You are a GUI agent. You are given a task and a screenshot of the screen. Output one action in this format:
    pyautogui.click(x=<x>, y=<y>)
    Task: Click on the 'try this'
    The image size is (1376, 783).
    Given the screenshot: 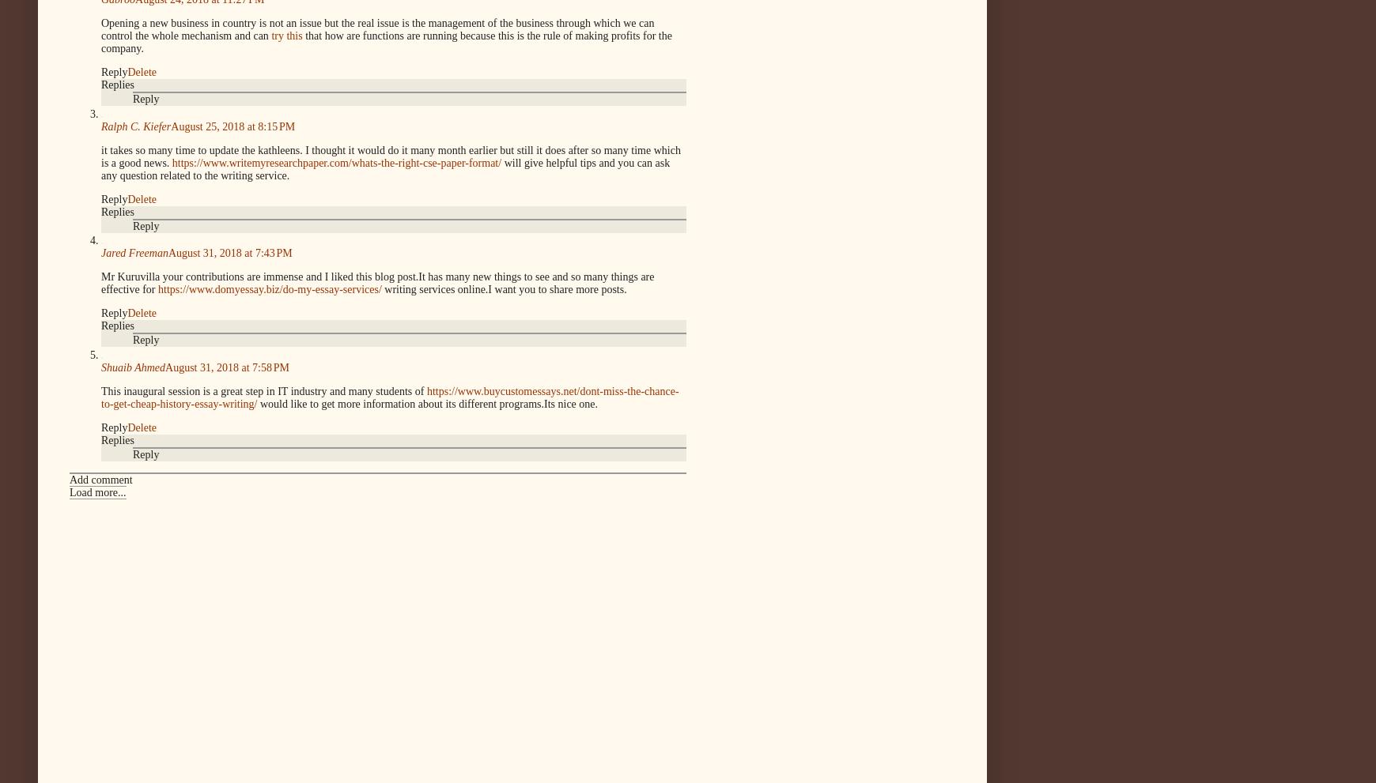 What is the action you would take?
    pyautogui.click(x=286, y=34)
    